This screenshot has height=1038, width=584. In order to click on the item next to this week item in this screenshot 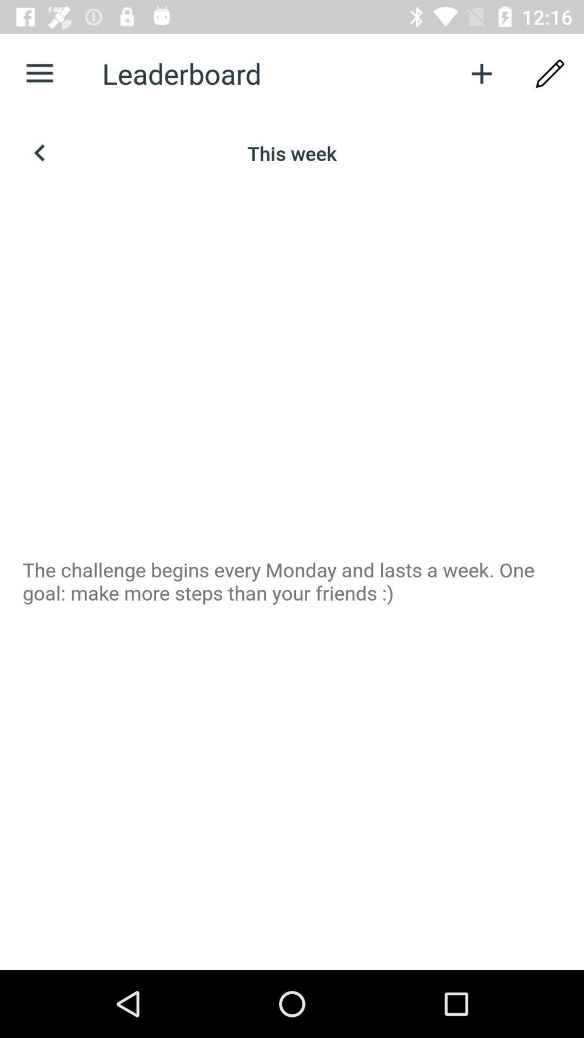, I will do `click(39, 152)`.